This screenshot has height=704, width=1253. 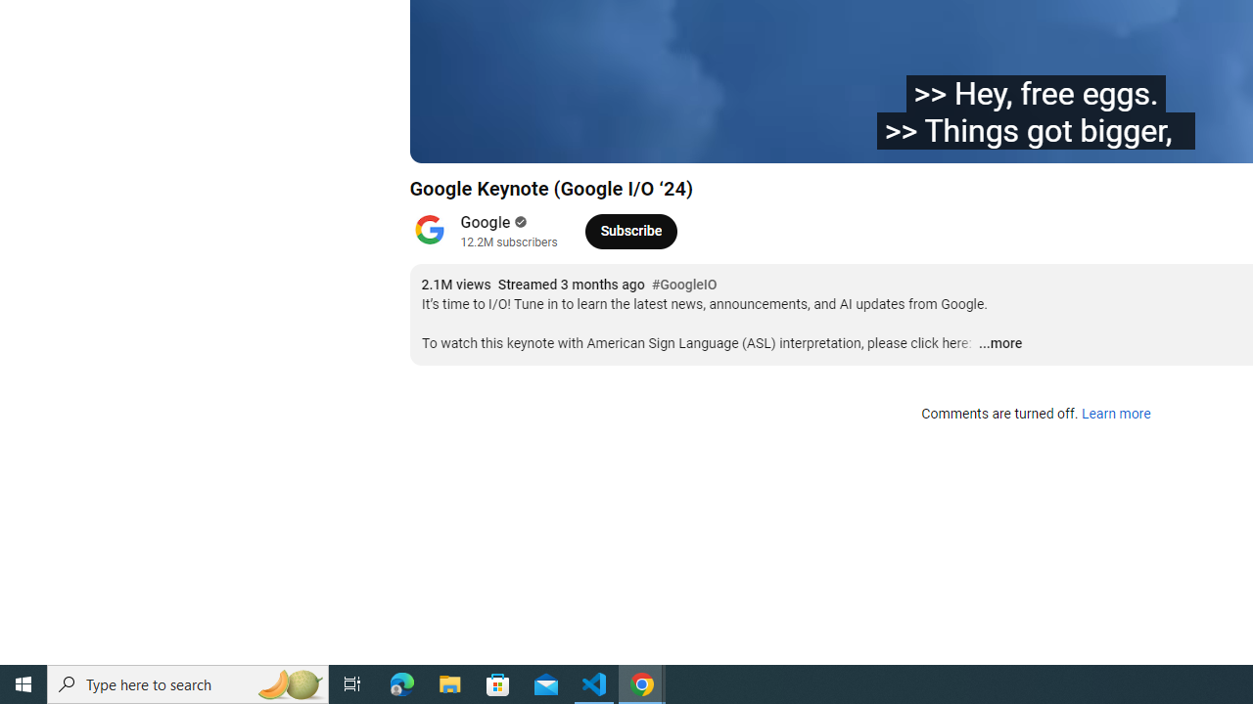 What do you see at coordinates (536, 138) in the screenshot?
I see `'Mute (m)'` at bounding box center [536, 138].